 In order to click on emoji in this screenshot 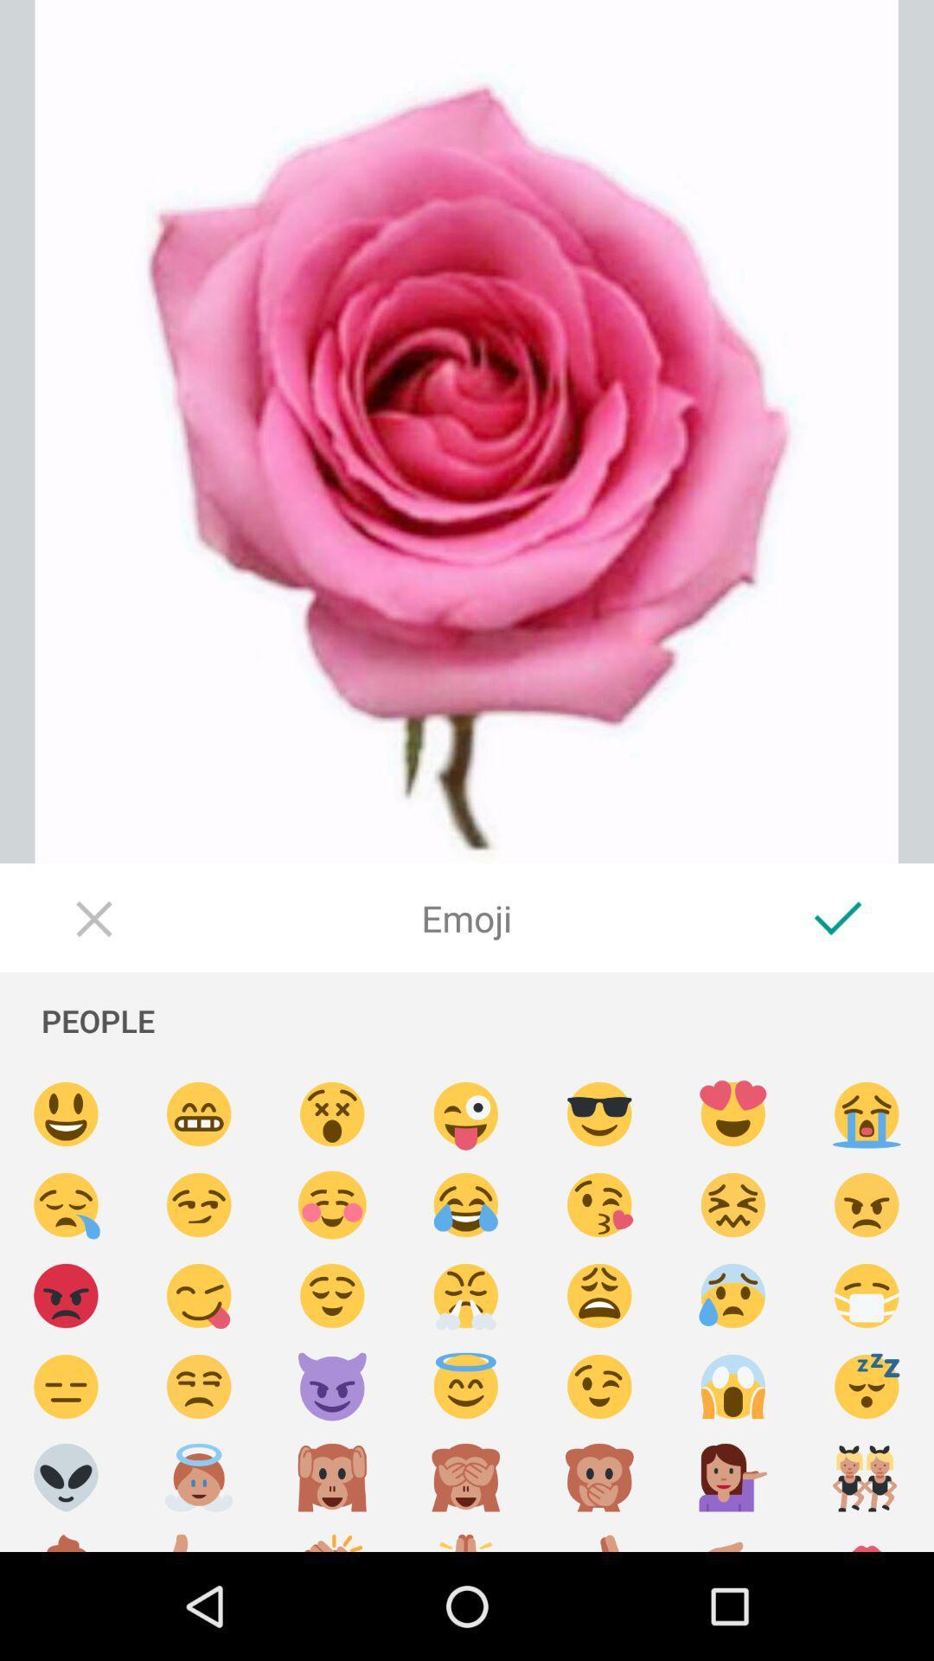, I will do `click(465, 1537)`.